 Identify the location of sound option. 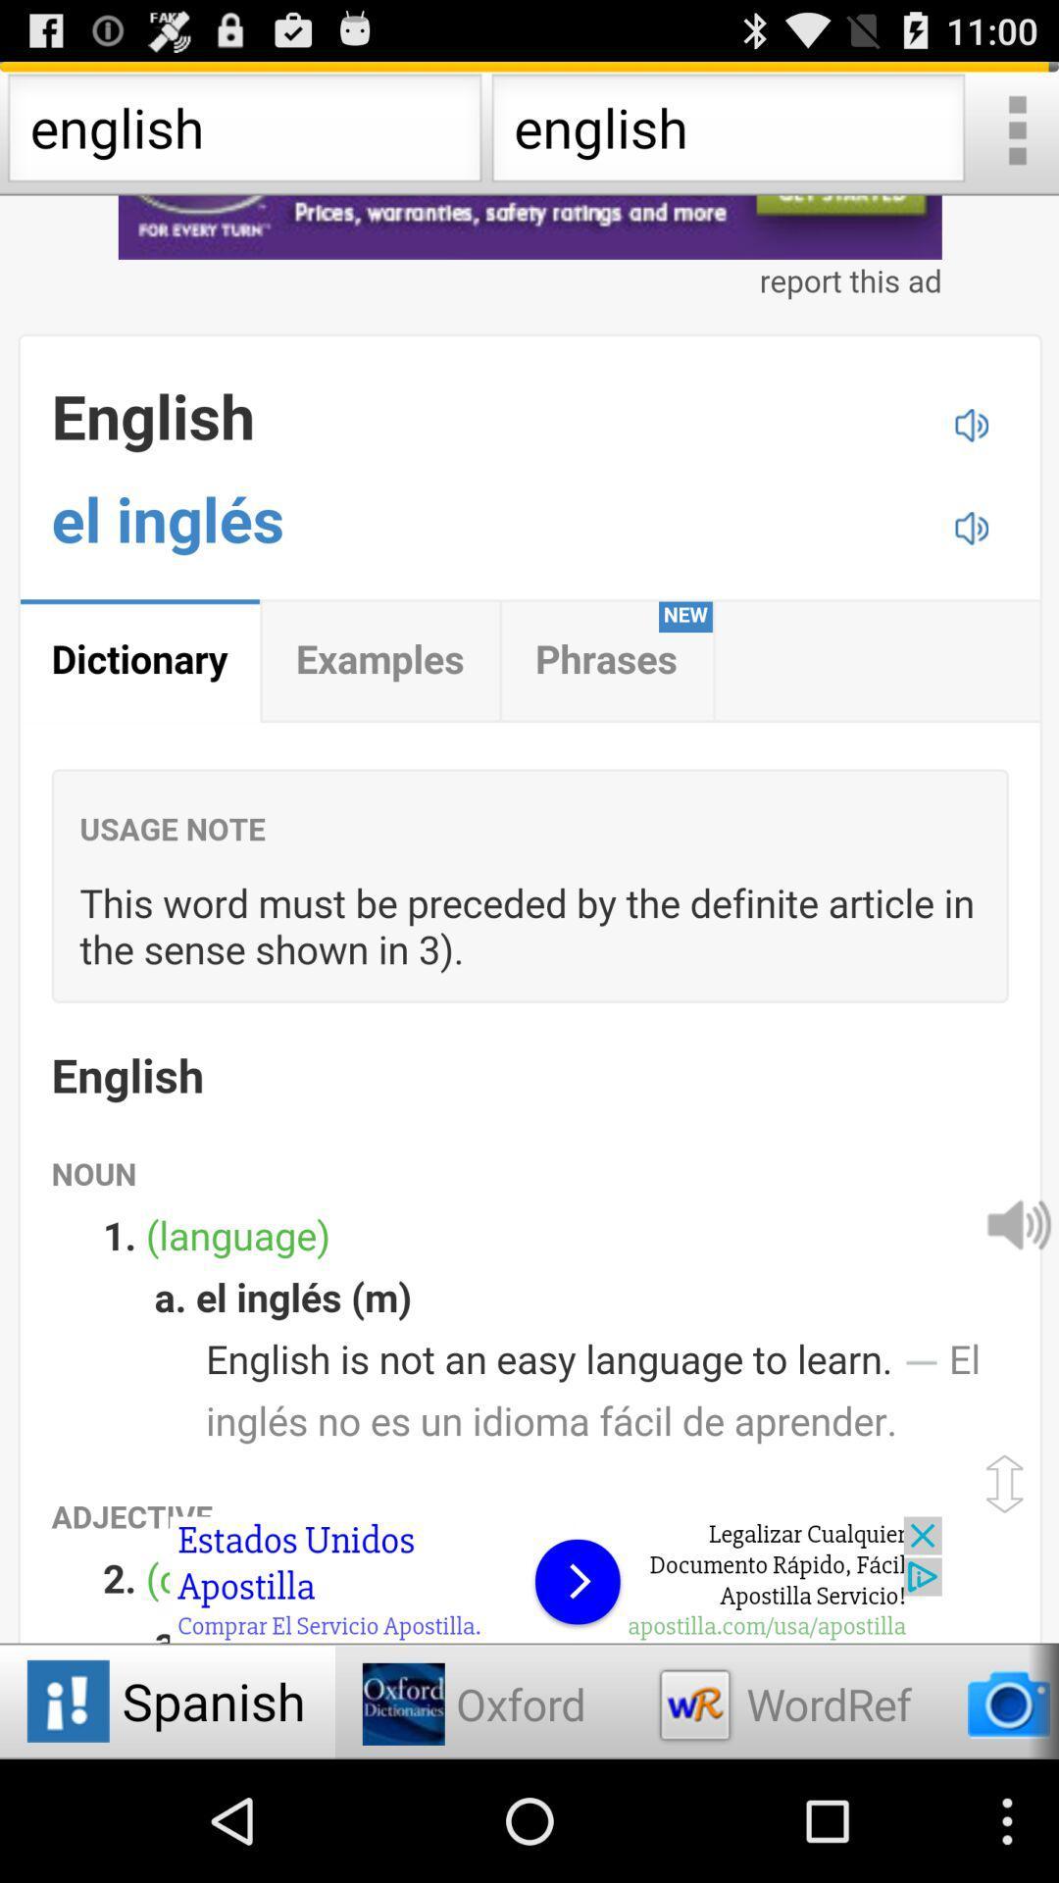
(1016, 1222).